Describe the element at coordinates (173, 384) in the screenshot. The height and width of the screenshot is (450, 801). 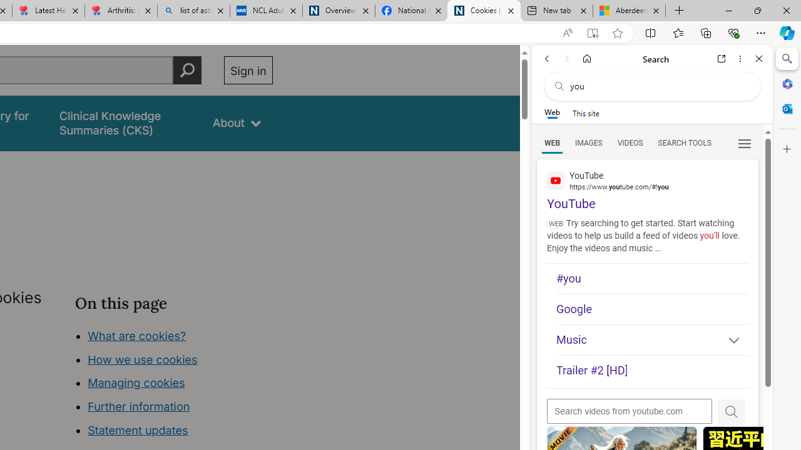
I see `'Class: in-page-nav__list'` at that location.